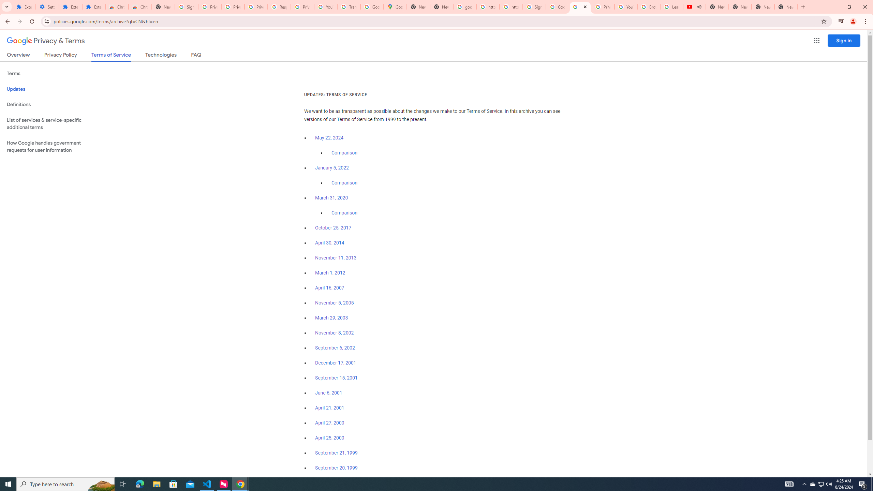 This screenshot has width=873, height=491. What do you see at coordinates (328, 393) in the screenshot?
I see `'June 6, 2001'` at bounding box center [328, 393].